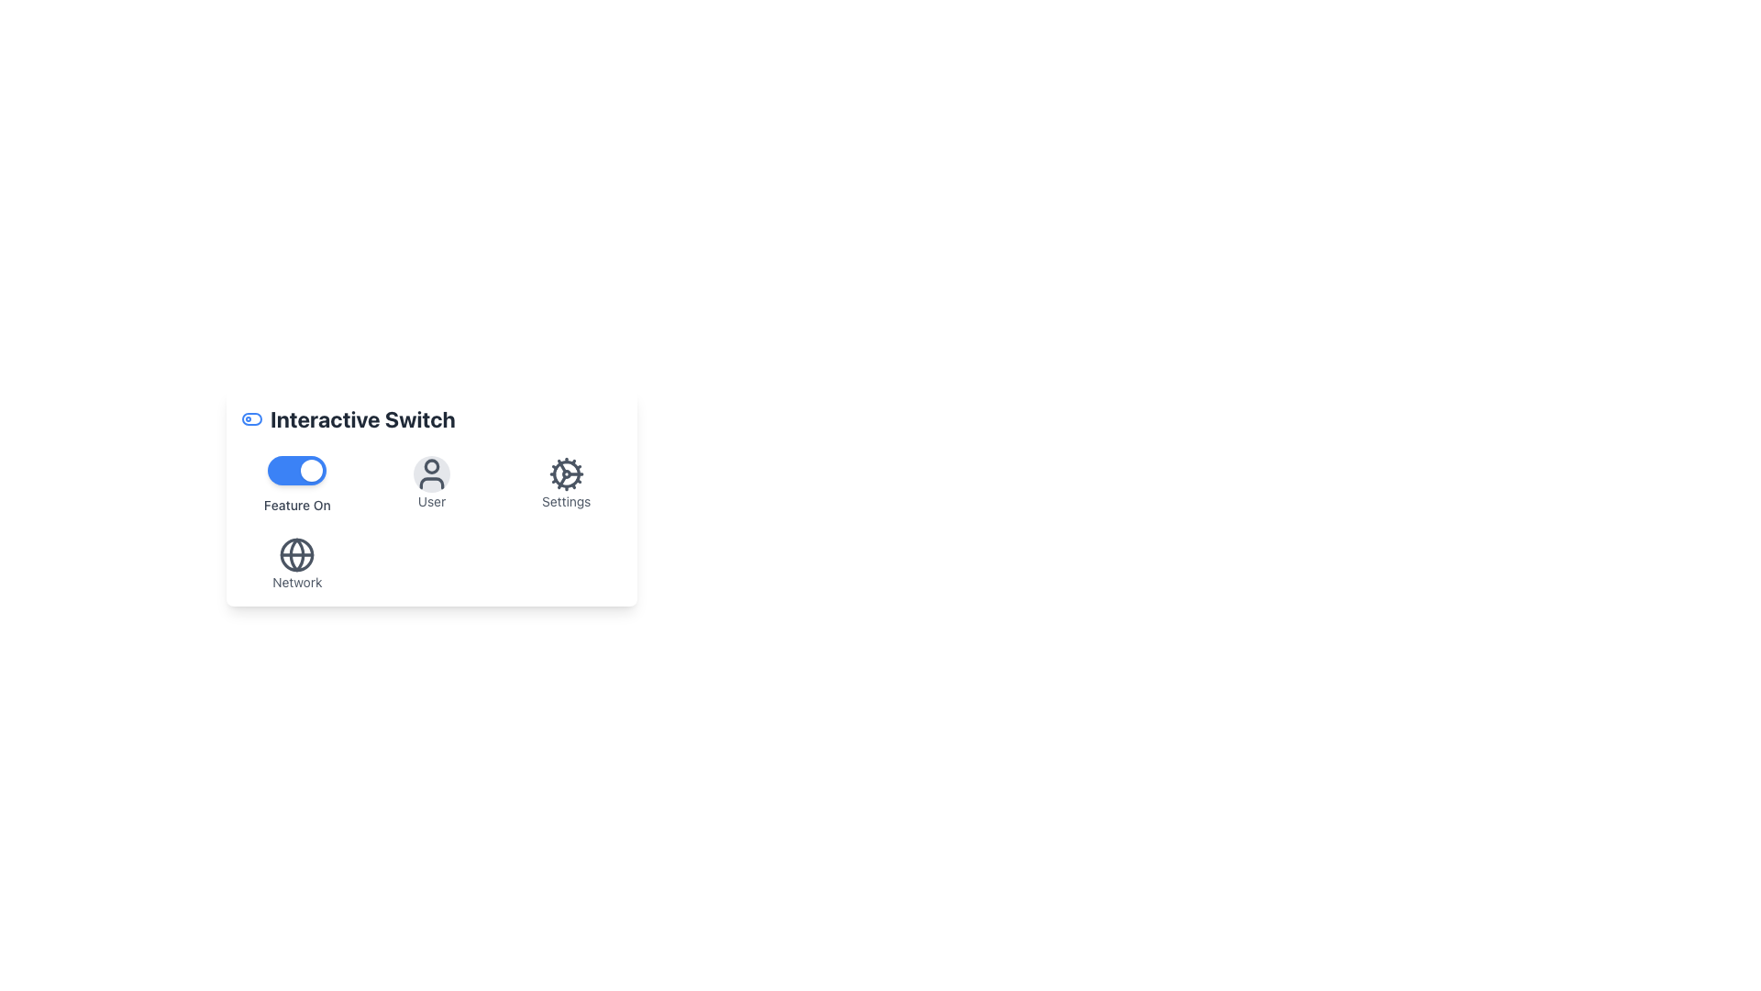 The width and height of the screenshot is (1761, 991). I want to click on the 'Settings' icon with a cogwheel and a gray text label, so click(565, 484).